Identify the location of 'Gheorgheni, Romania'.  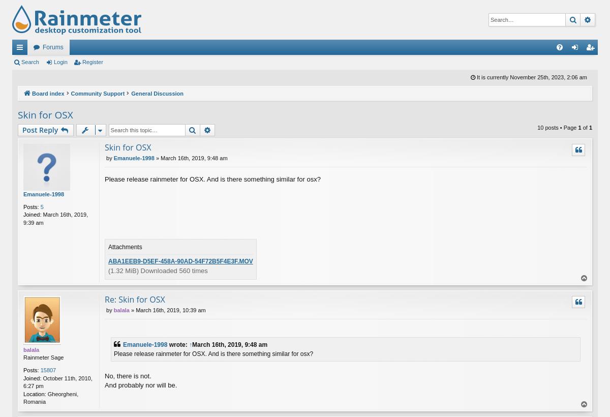
(50, 397).